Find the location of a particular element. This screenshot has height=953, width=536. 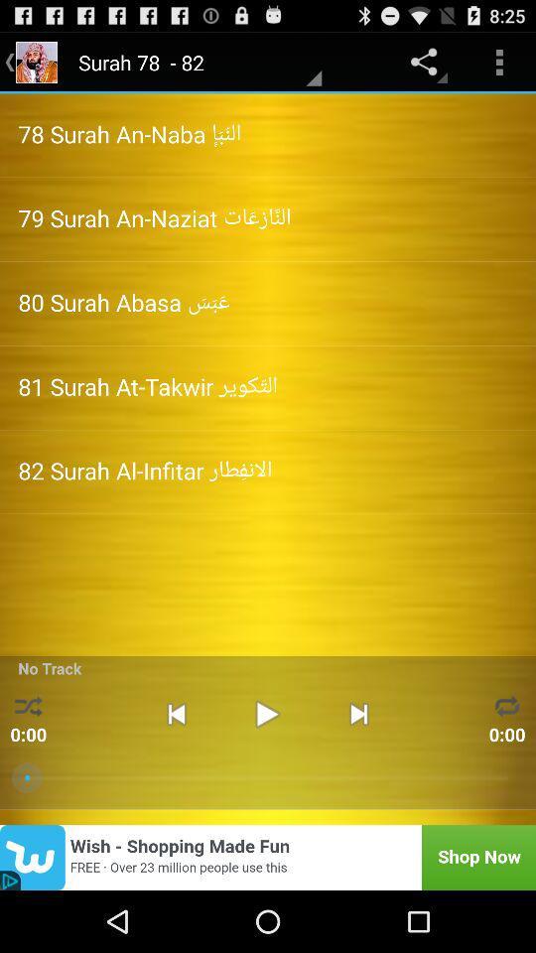

the skip_previous icon is located at coordinates (176, 762).